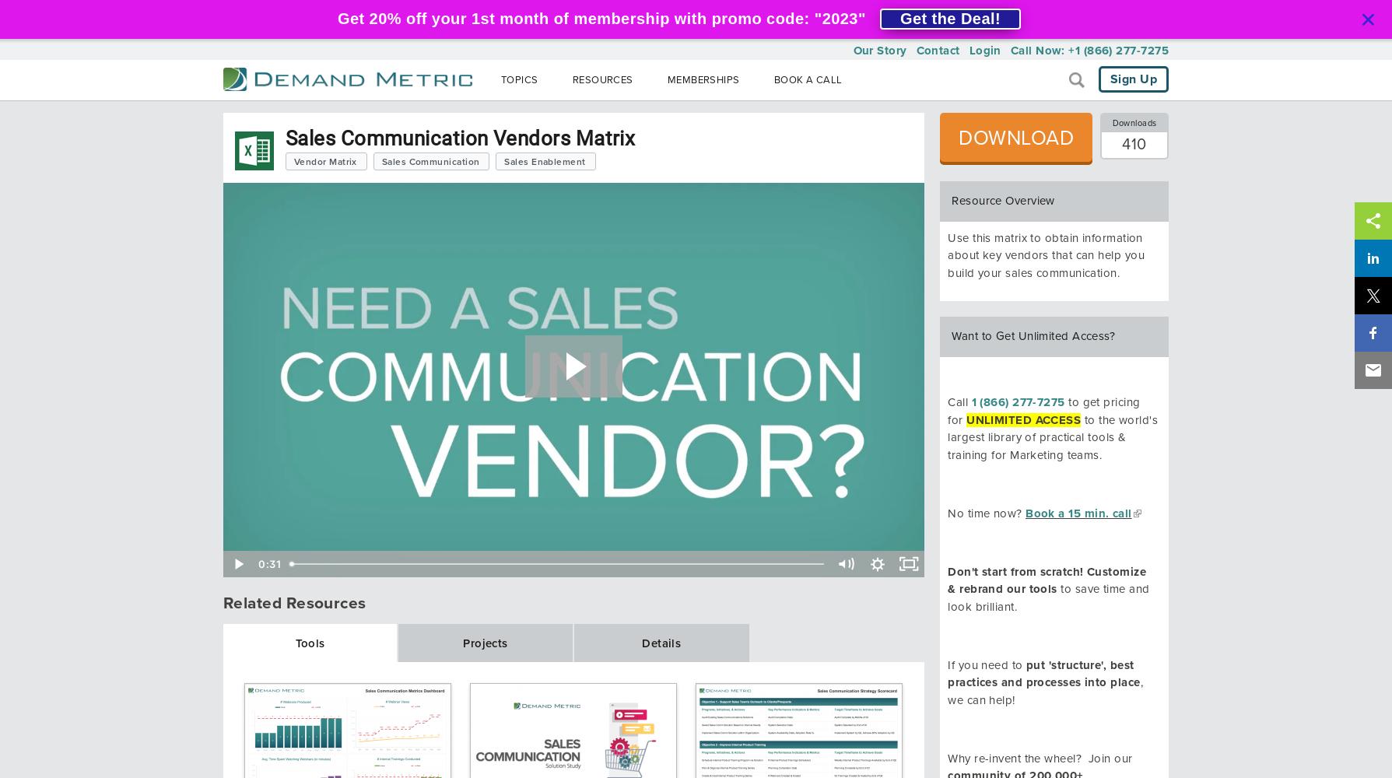 Image resolution: width=1392 pixels, height=778 pixels. Describe the element at coordinates (947, 664) in the screenshot. I see `'If you need to'` at that location.